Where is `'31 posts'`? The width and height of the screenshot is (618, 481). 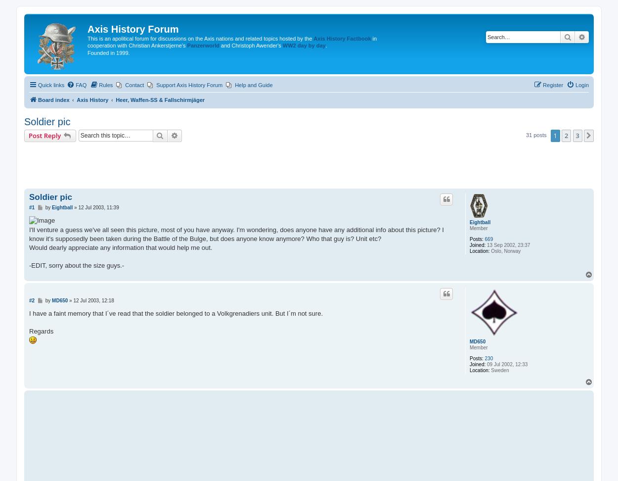
'31 posts' is located at coordinates (536, 135).